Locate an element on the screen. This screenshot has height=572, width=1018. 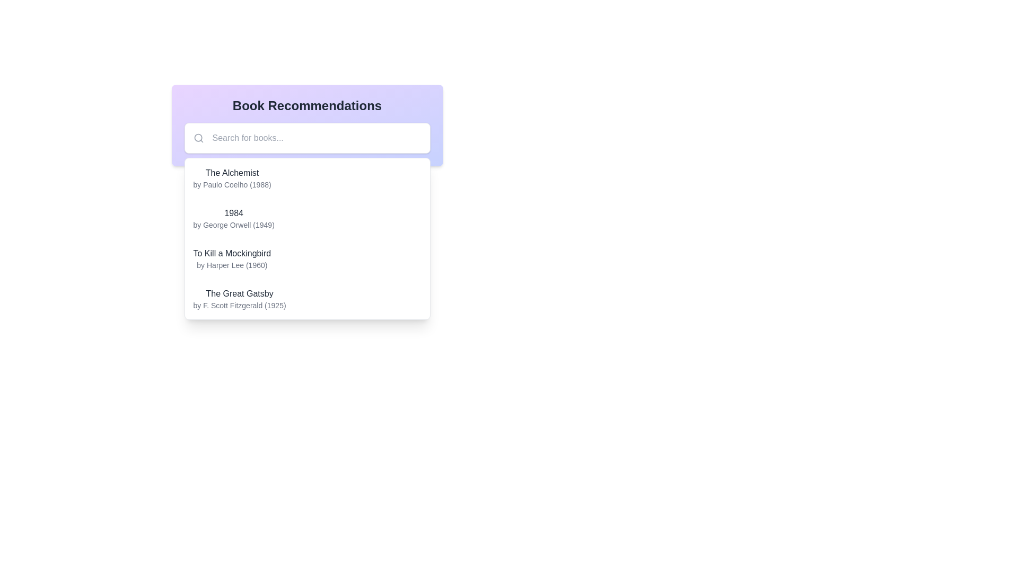
the text label displaying 'by George Orwell (1949)', which is styled in small, gray font and positioned beneath the bold '1984' title is located at coordinates (233, 224).